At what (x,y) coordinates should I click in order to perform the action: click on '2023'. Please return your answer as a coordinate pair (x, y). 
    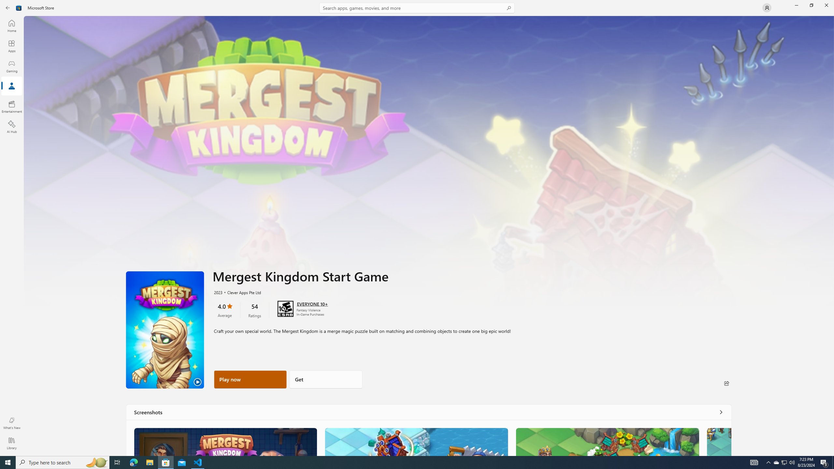
    Looking at the image, I should click on (218, 292).